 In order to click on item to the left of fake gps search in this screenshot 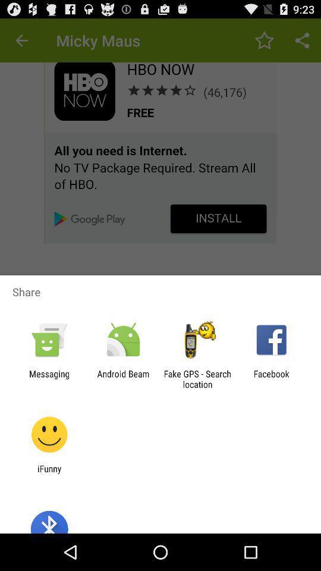, I will do `click(122, 378)`.